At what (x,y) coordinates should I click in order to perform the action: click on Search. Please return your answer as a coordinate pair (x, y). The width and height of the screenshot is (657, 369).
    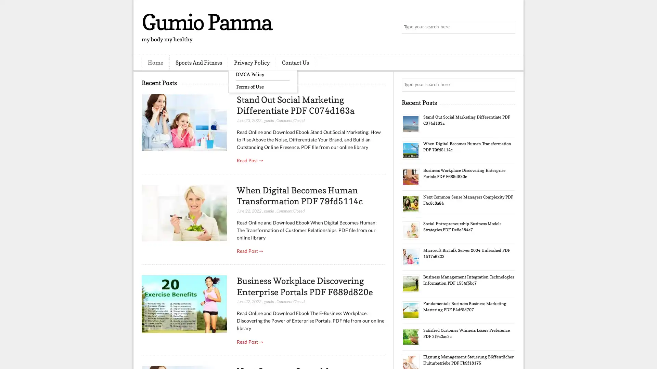
    Looking at the image, I should click on (508, 85).